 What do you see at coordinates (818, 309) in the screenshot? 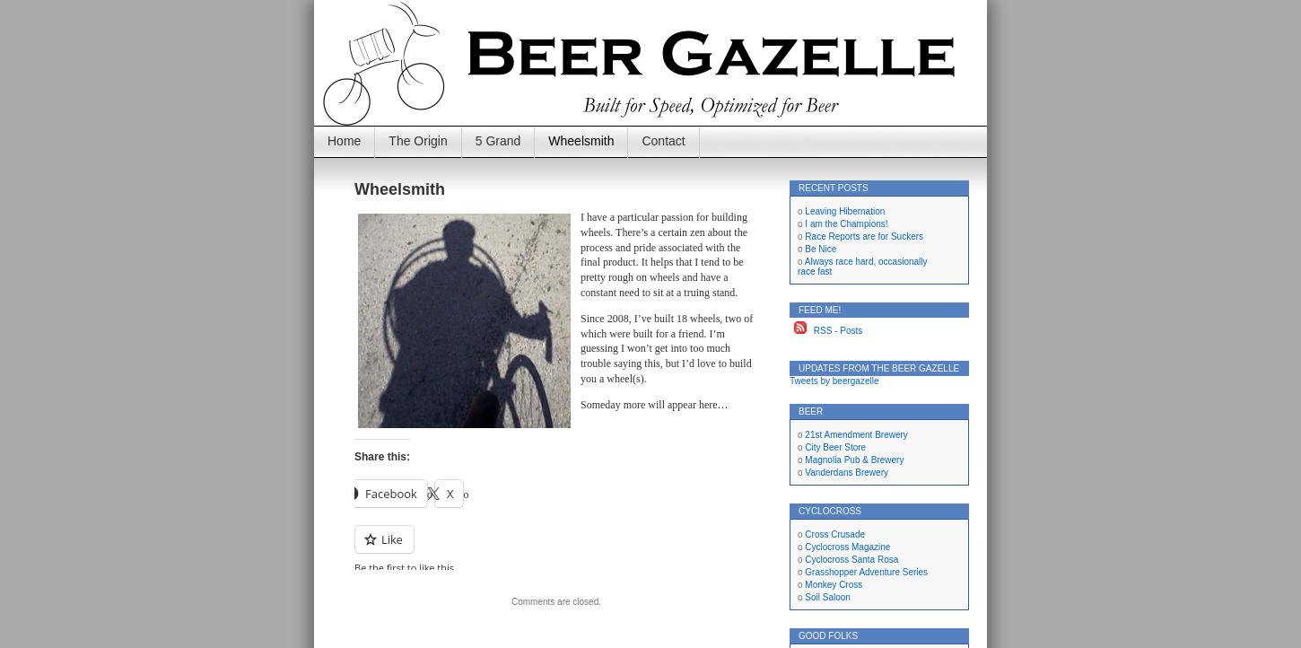
I see `'Feed Me!'` at bounding box center [818, 309].